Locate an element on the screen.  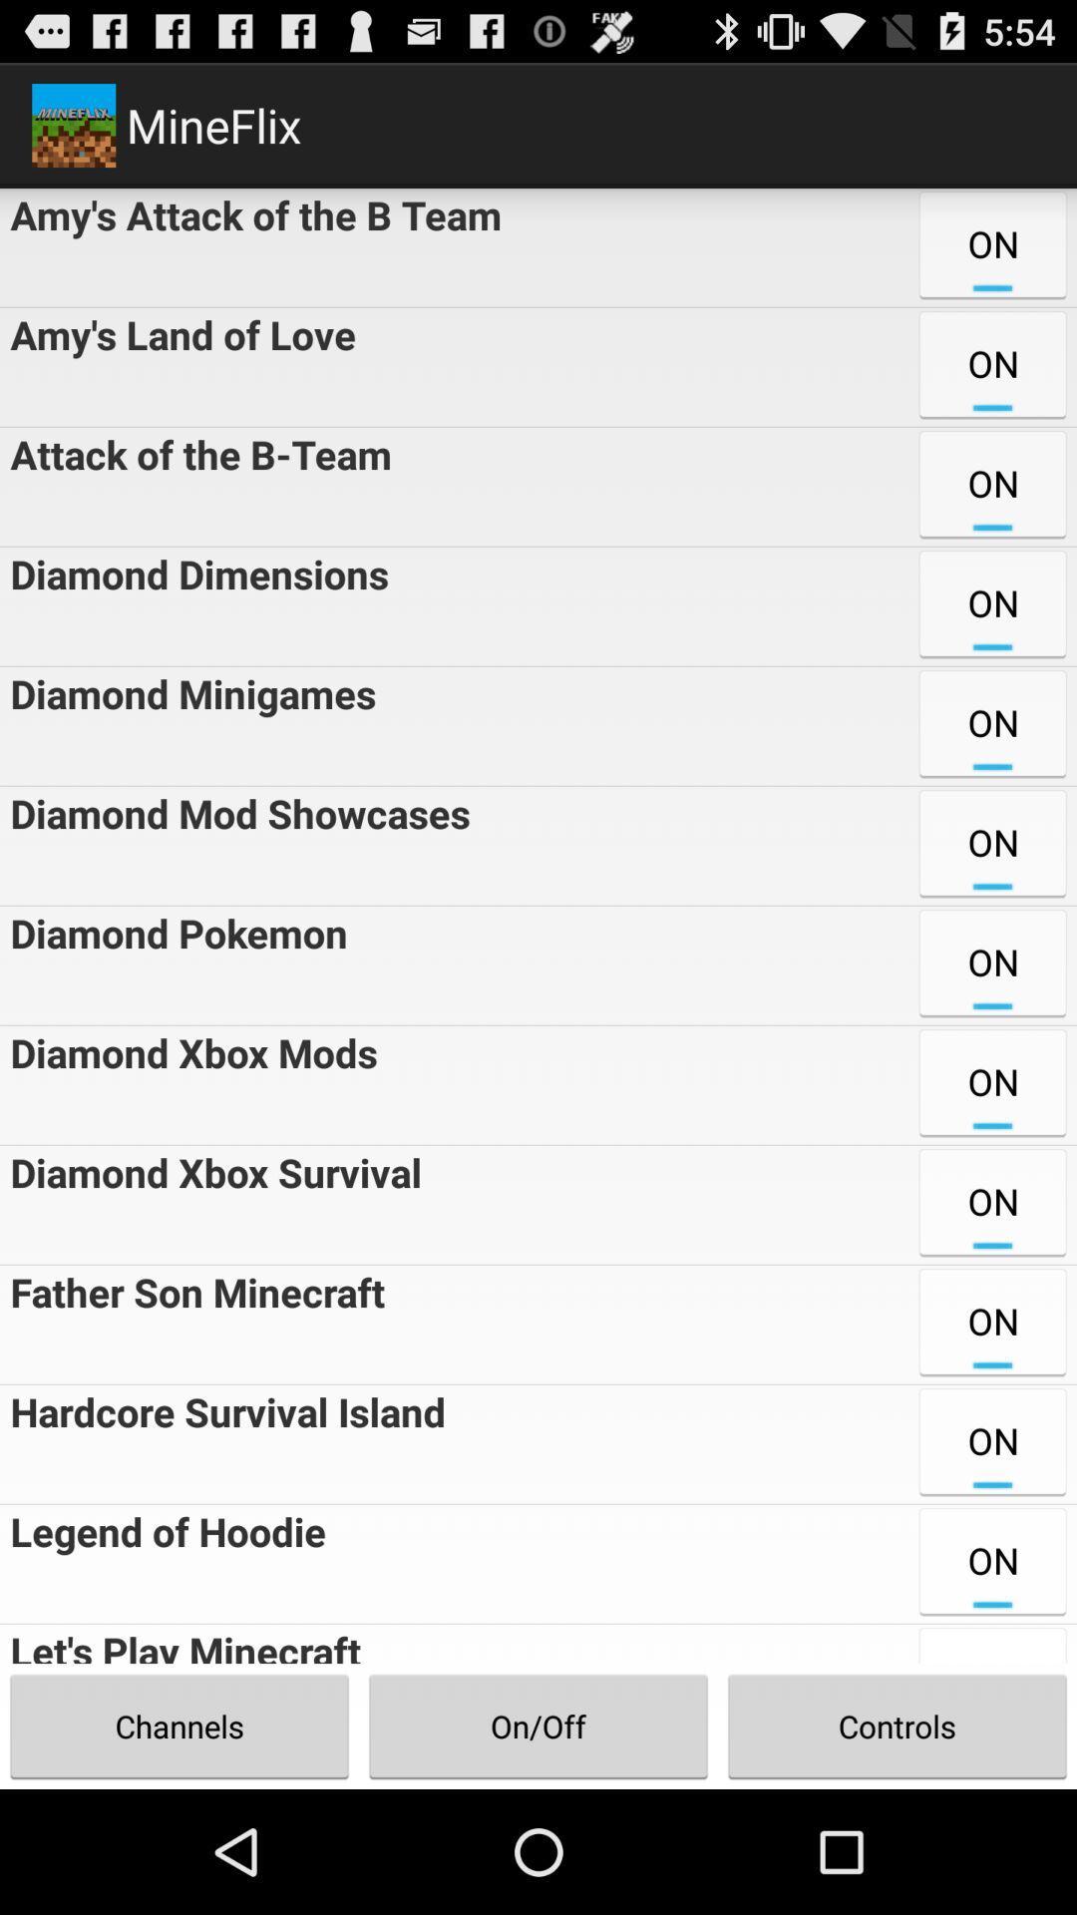
the hardcore survival island is located at coordinates (222, 1444).